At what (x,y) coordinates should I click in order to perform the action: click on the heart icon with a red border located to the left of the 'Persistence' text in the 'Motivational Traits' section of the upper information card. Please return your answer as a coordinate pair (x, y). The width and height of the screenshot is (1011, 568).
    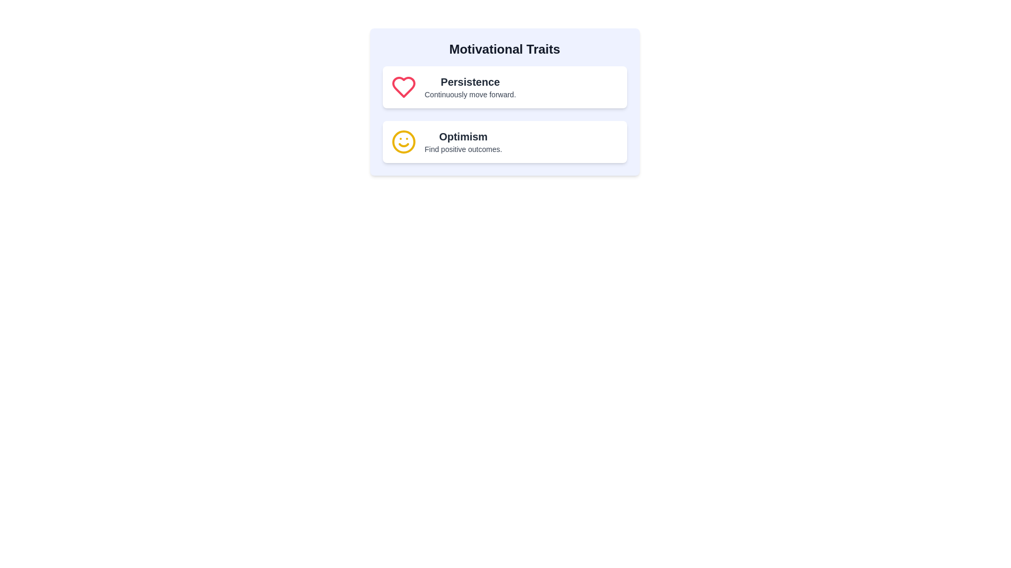
    Looking at the image, I should click on (403, 86).